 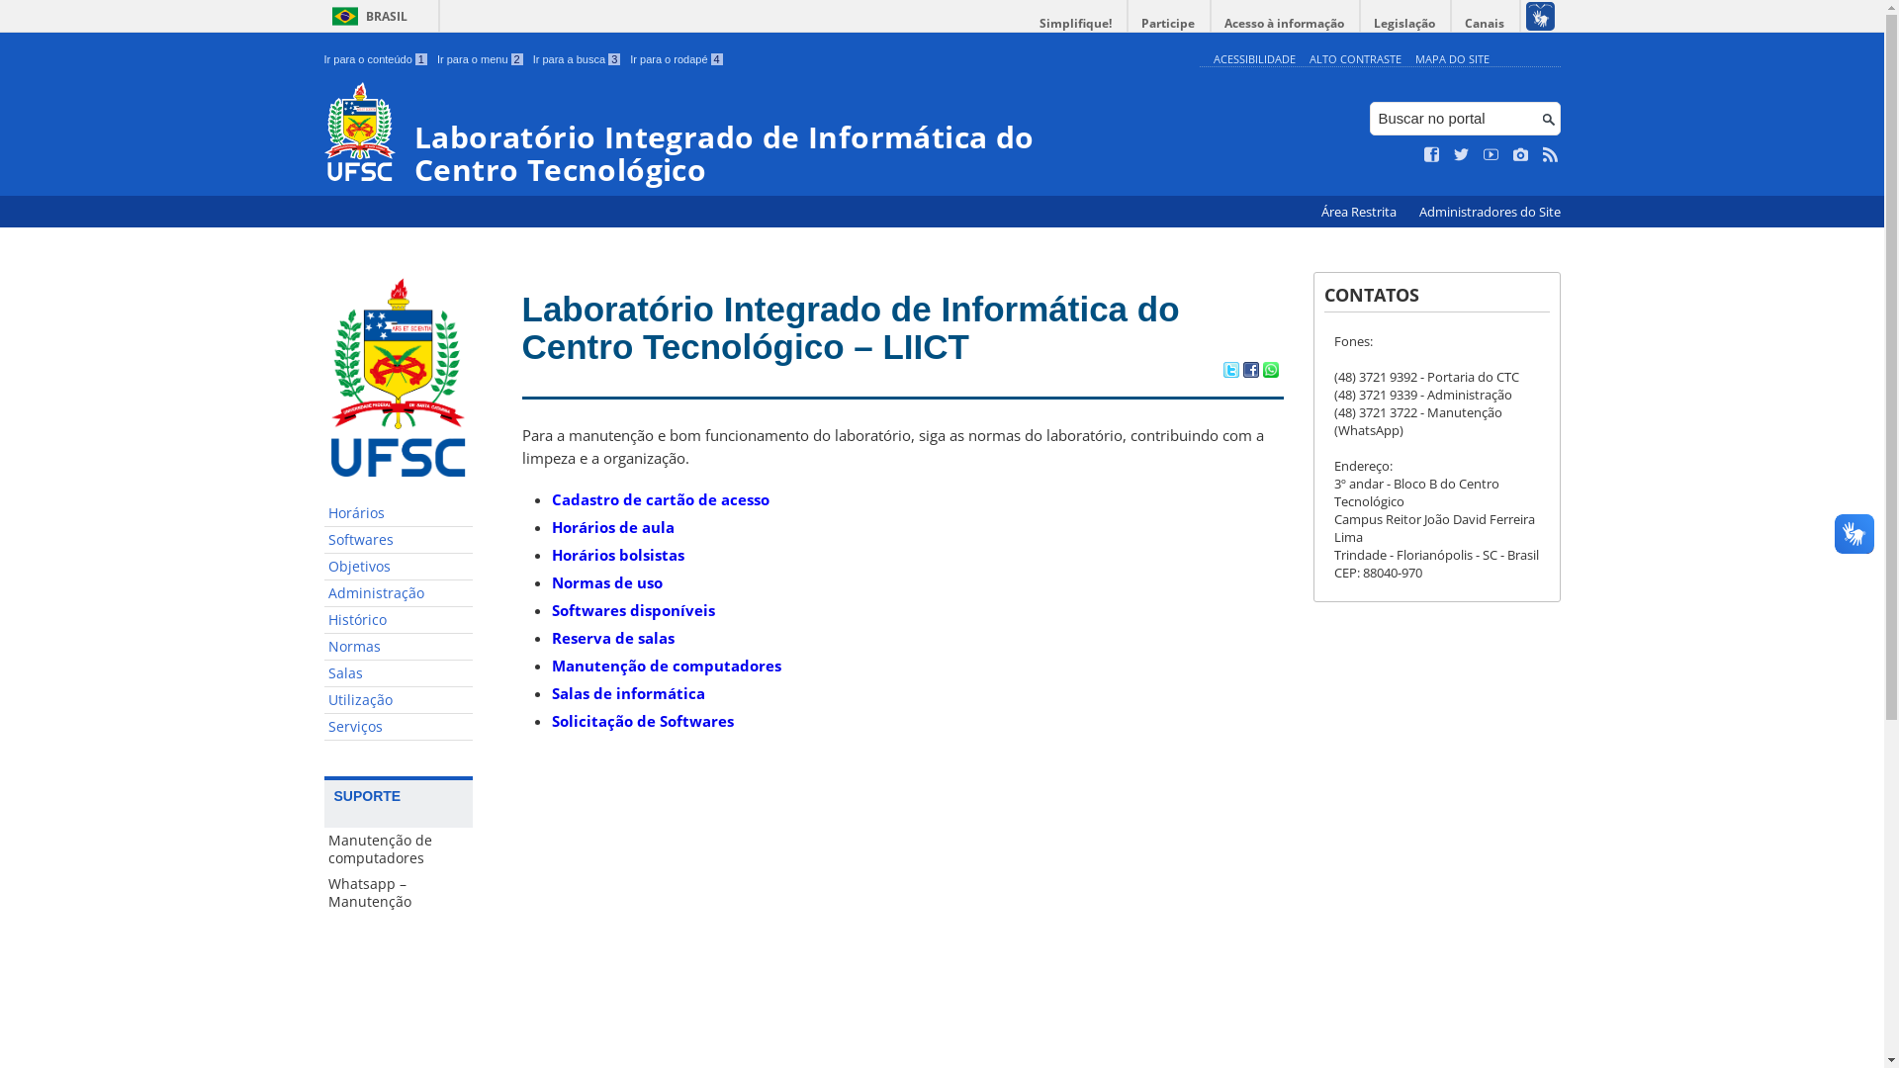 I want to click on 'Ir para a busca 3', so click(x=576, y=58).